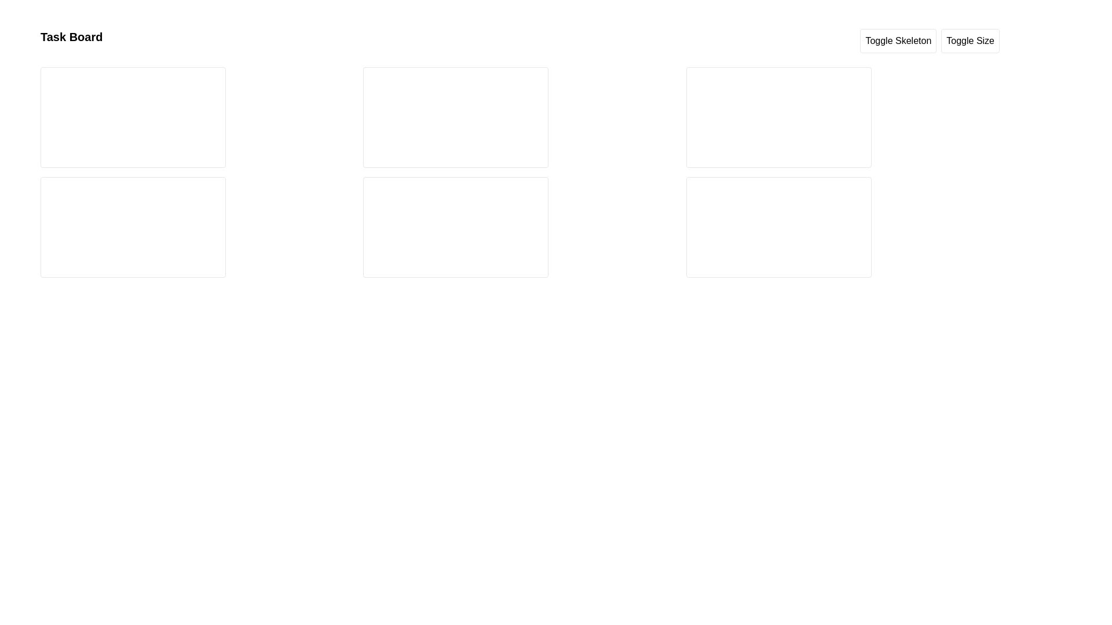 Image resolution: width=1112 pixels, height=625 pixels. Describe the element at coordinates (133, 115) in the screenshot. I see `the first Skeleton loader element, which is a rectangular bar styled as a placeholder loading indicator` at that location.